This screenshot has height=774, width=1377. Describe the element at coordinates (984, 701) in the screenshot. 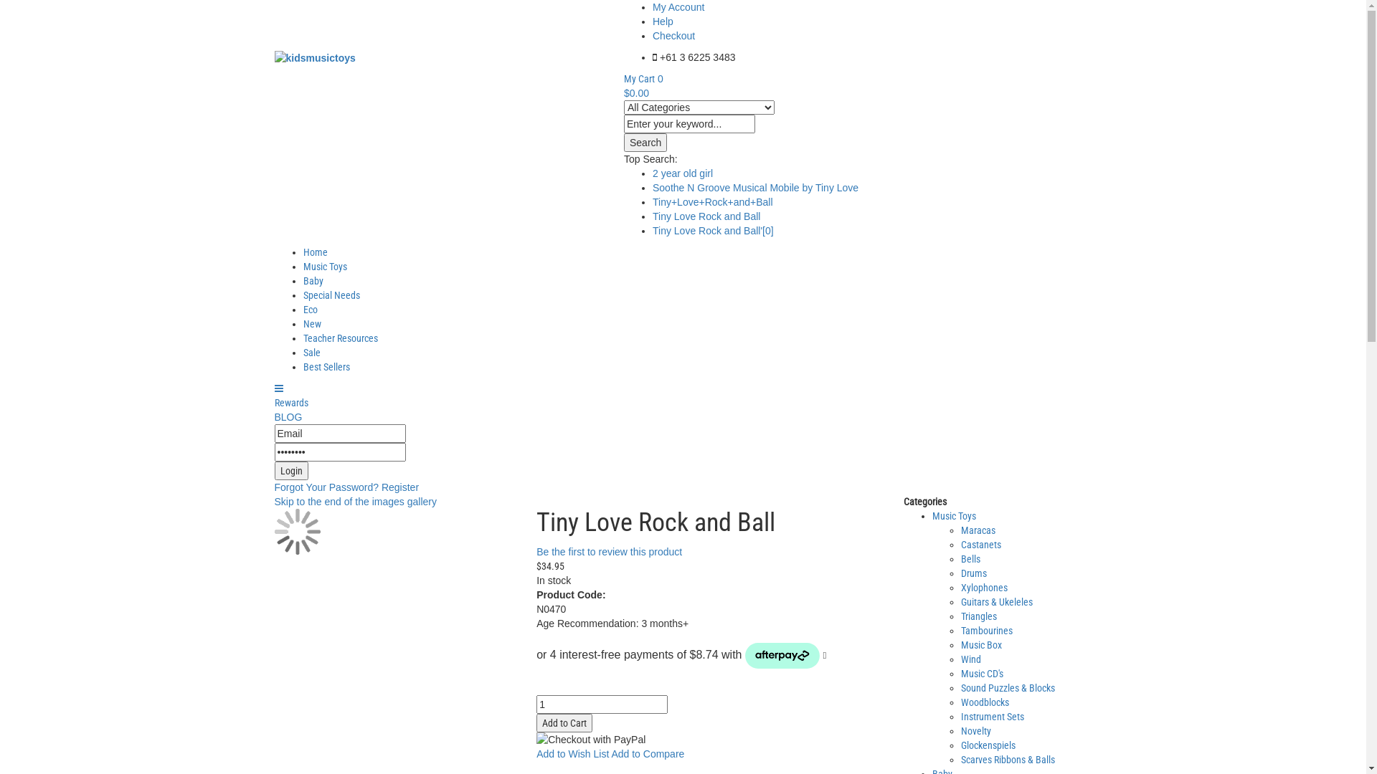

I see `'Woodblocks'` at that location.